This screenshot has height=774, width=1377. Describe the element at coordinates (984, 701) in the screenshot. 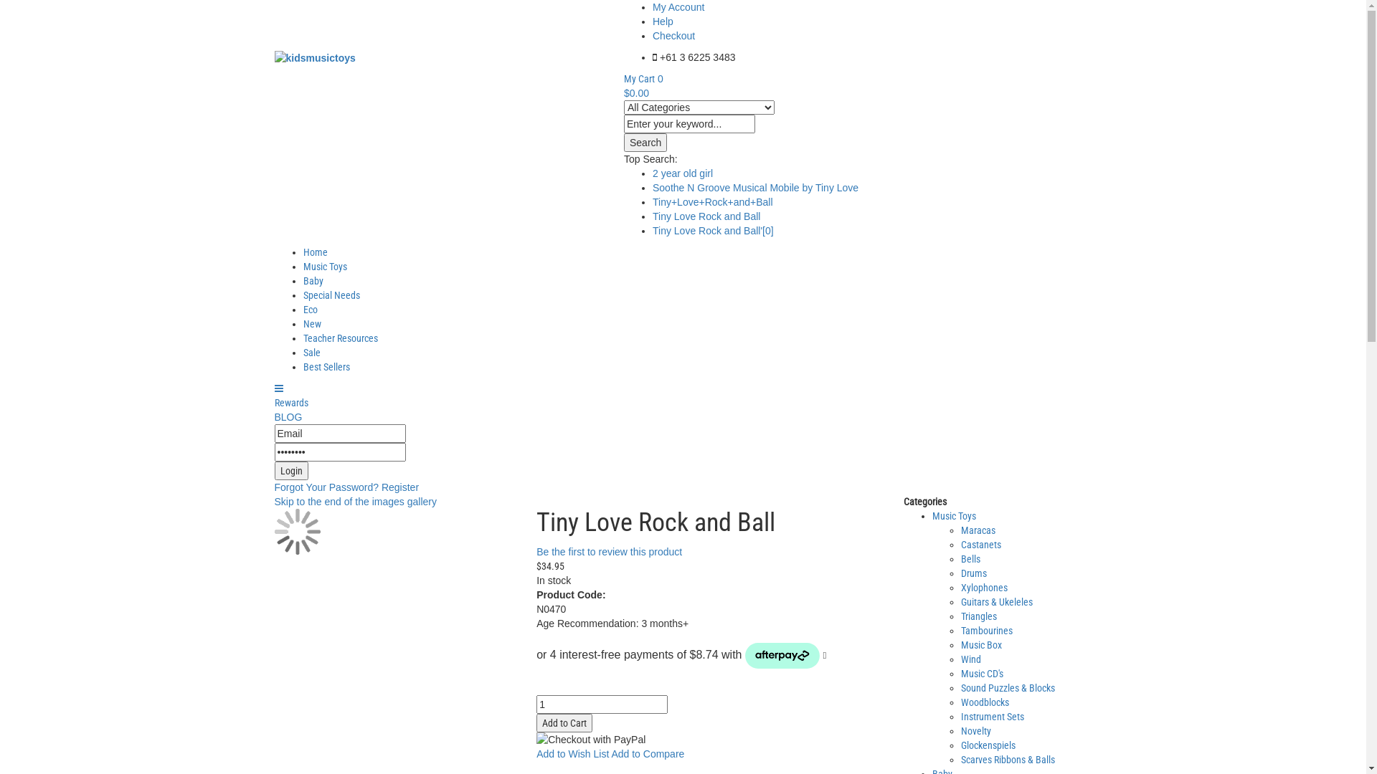

I see `'Woodblocks'` at that location.